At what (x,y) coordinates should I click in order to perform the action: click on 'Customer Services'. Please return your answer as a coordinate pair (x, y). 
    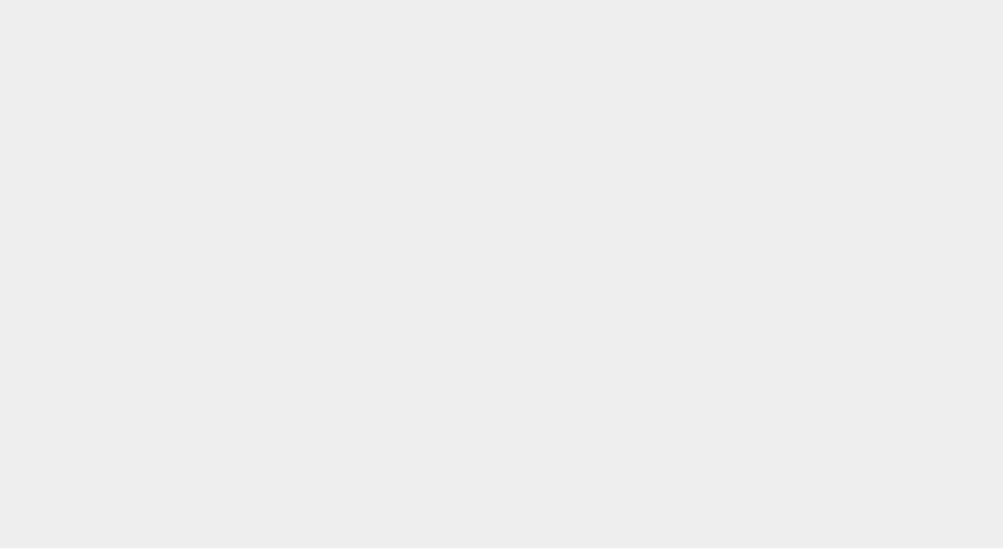
    Looking at the image, I should click on (156, 212).